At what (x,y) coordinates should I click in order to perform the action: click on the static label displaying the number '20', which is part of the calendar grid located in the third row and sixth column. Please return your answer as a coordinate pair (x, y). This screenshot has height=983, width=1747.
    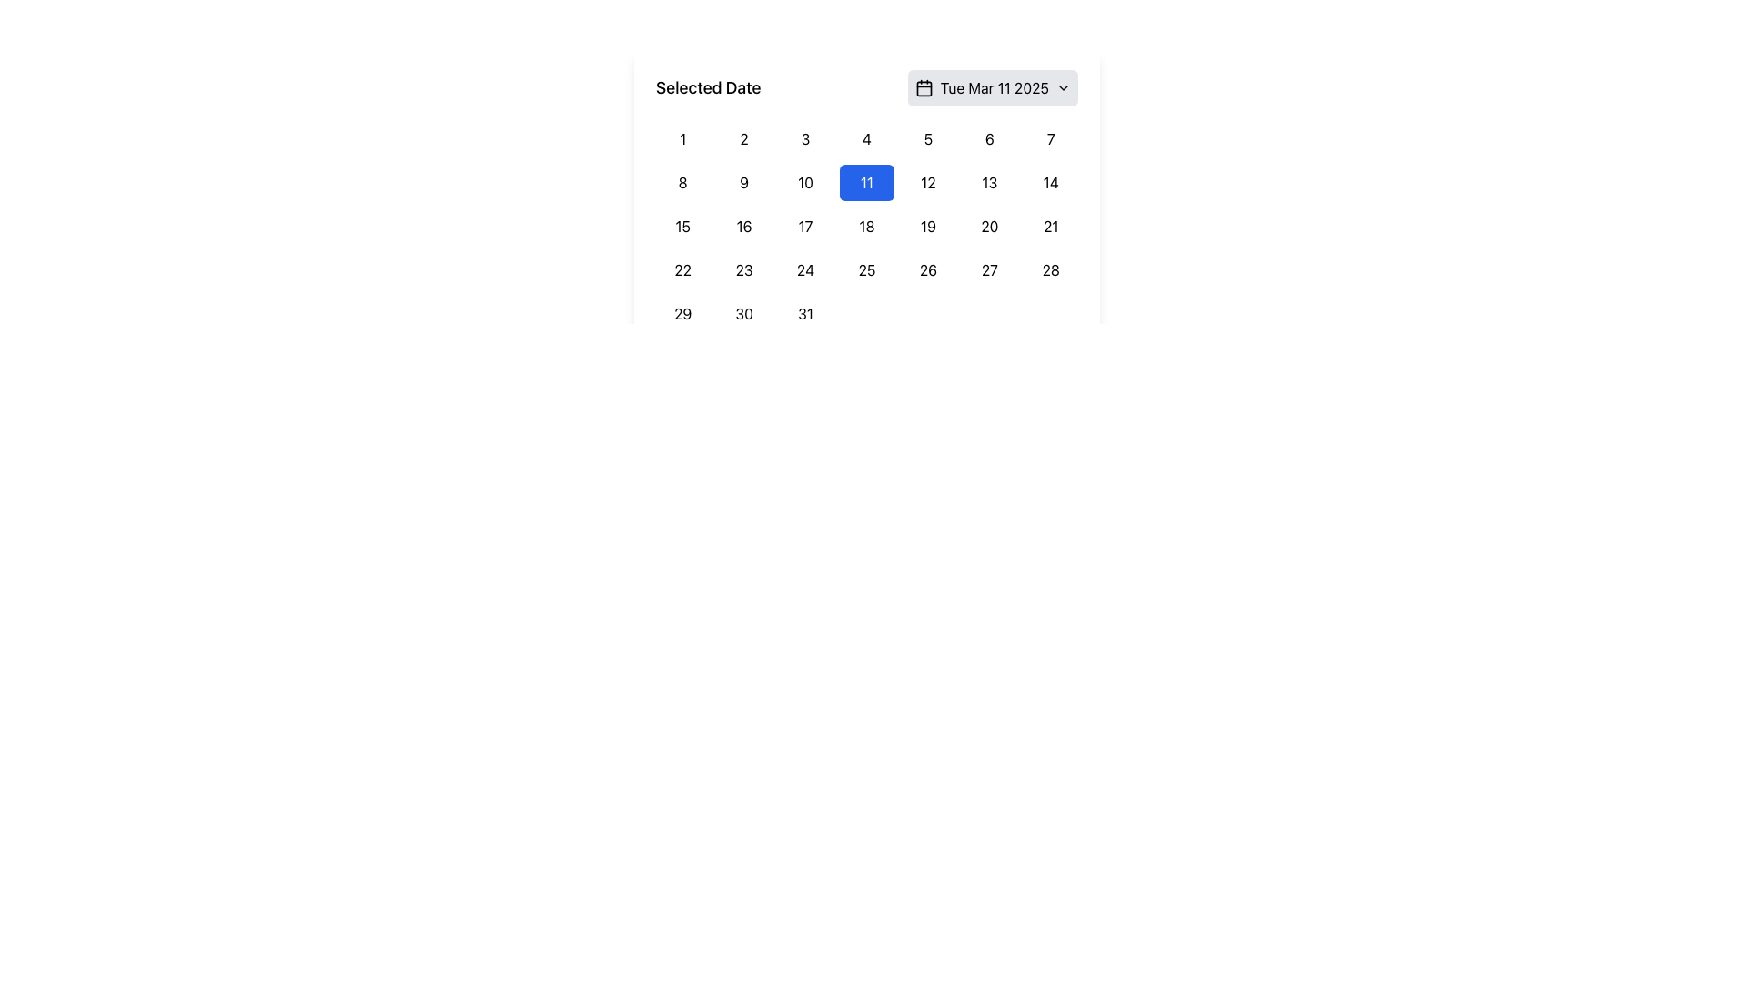
    Looking at the image, I should click on (988, 226).